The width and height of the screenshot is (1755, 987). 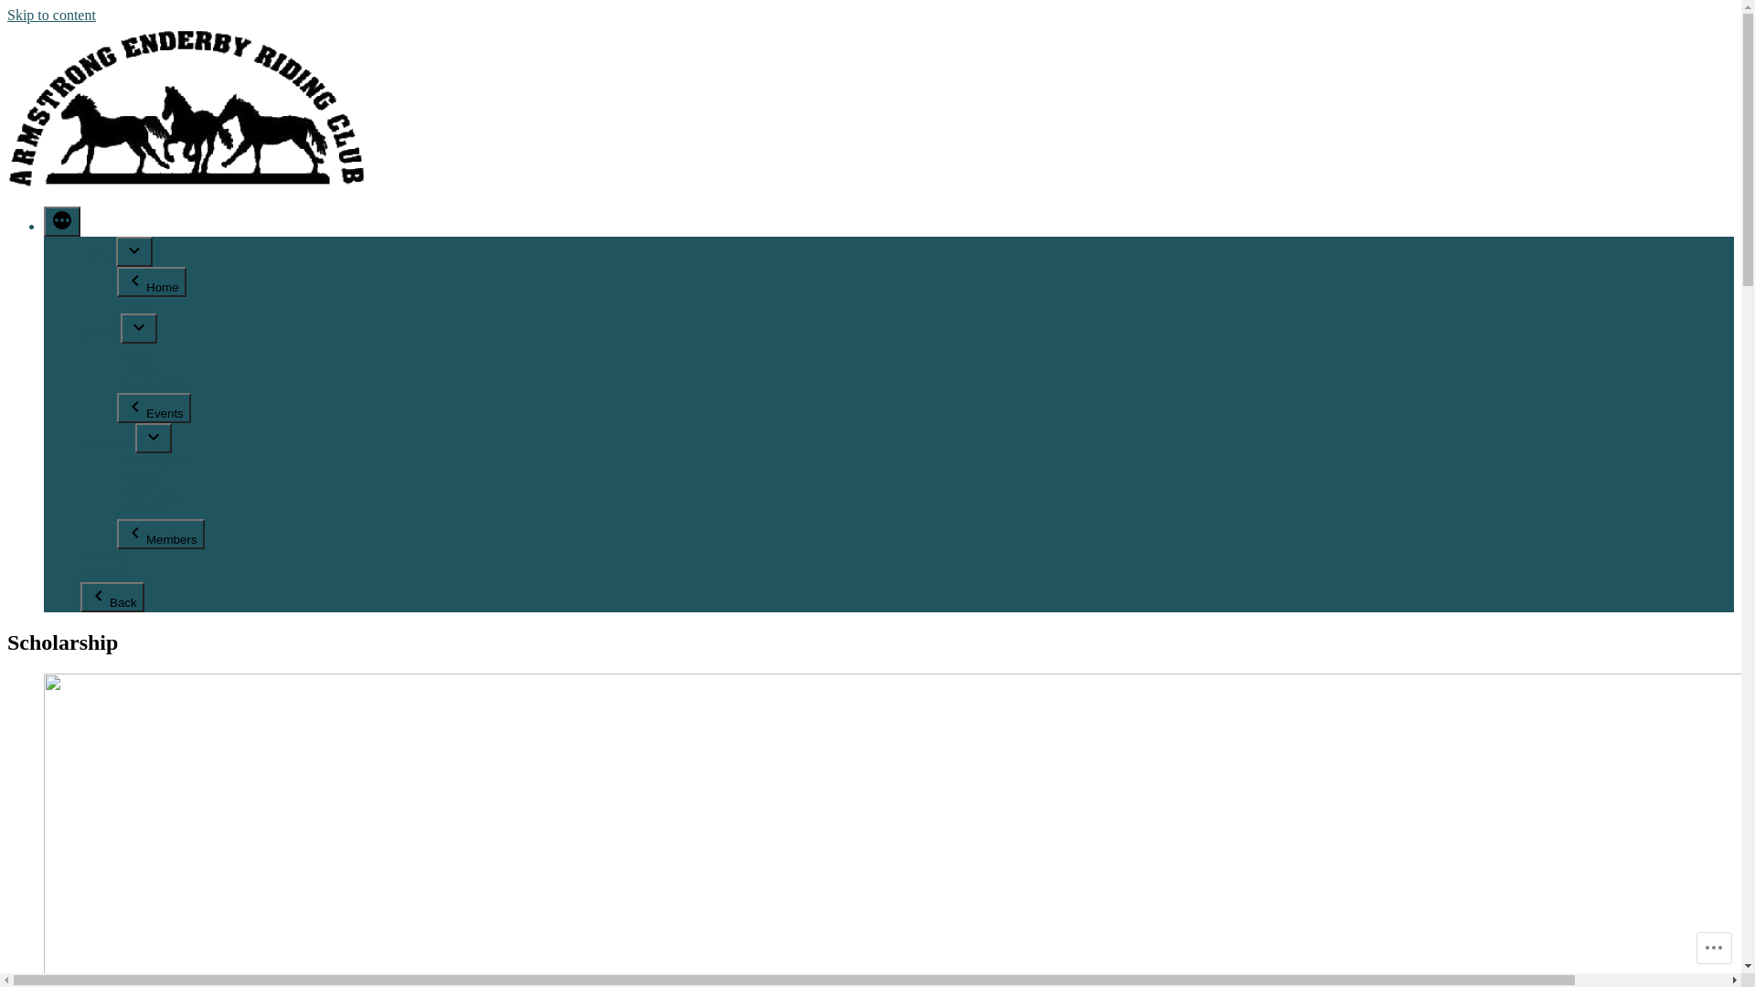 What do you see at coordinates (79, 572) in the screenshot?
I see `'Contacts'` at bounding box center [79, 572].